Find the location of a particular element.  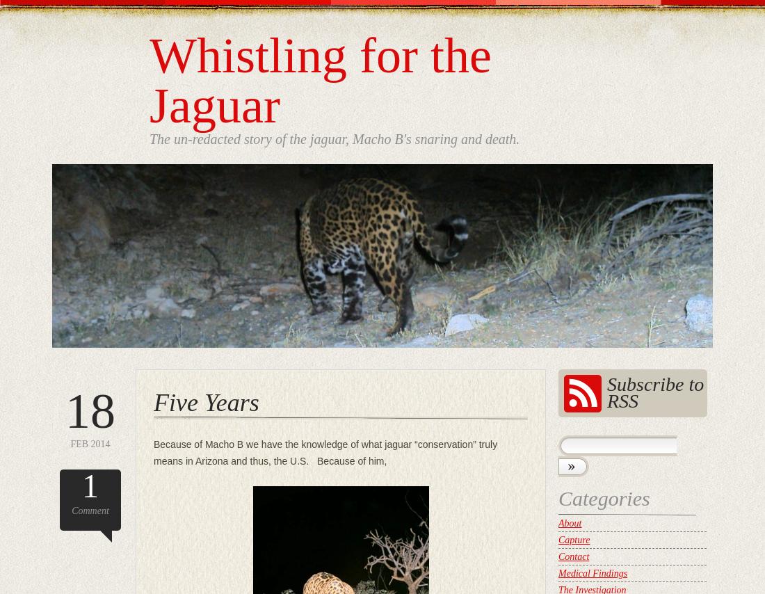

'Categories' is located at coordinates (603, 498).